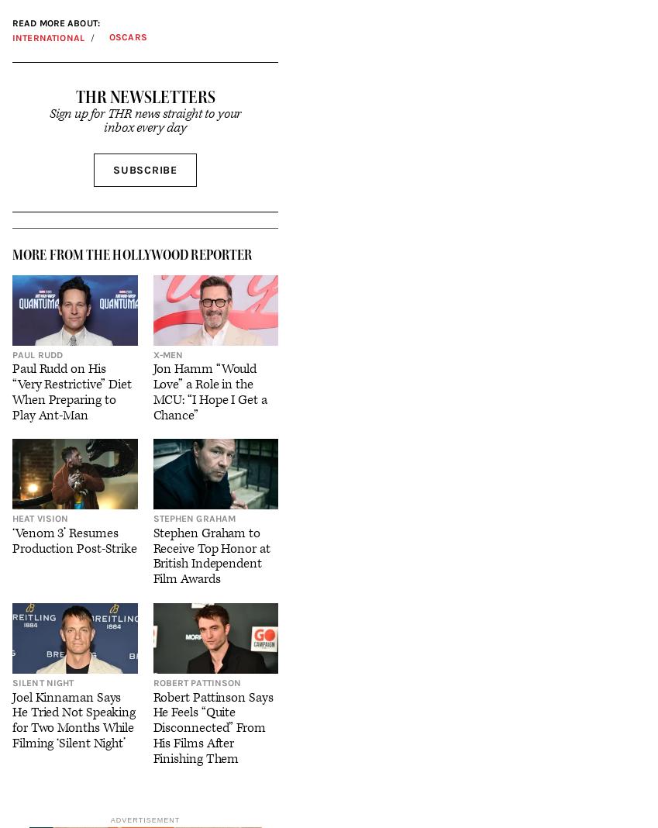 The width and height of the screenshot is (658, 828). What do you see at coordinates (132, 253) in the screenshot?
I see `'More from The Hollywood Reporter'` at bounding box center [132, 253].